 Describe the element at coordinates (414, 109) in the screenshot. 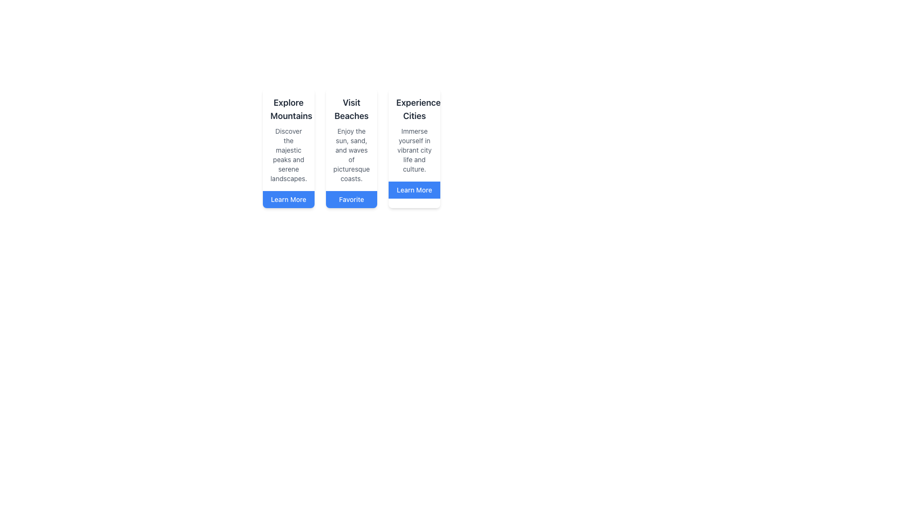

I see `the title text of the card that summarizes experiences in cities, located at the top of the card in the third column from the left` at that location.